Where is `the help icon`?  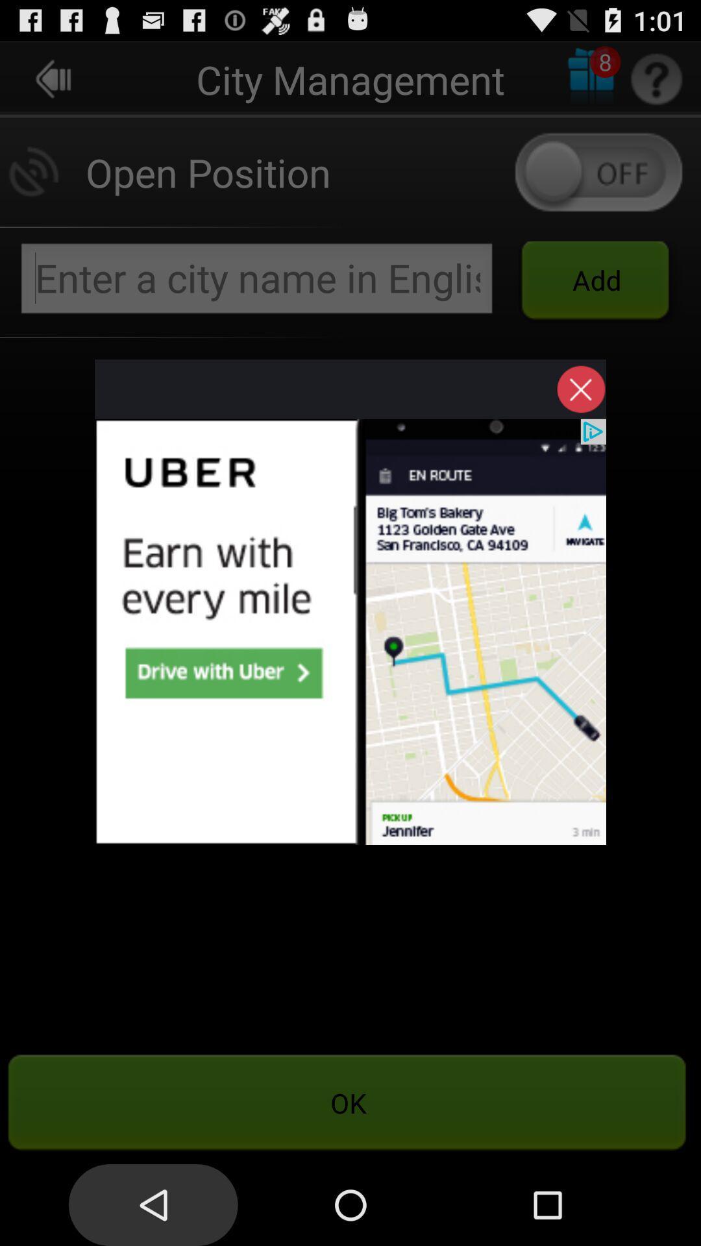
the help icon is located at coordinates (656, 84).